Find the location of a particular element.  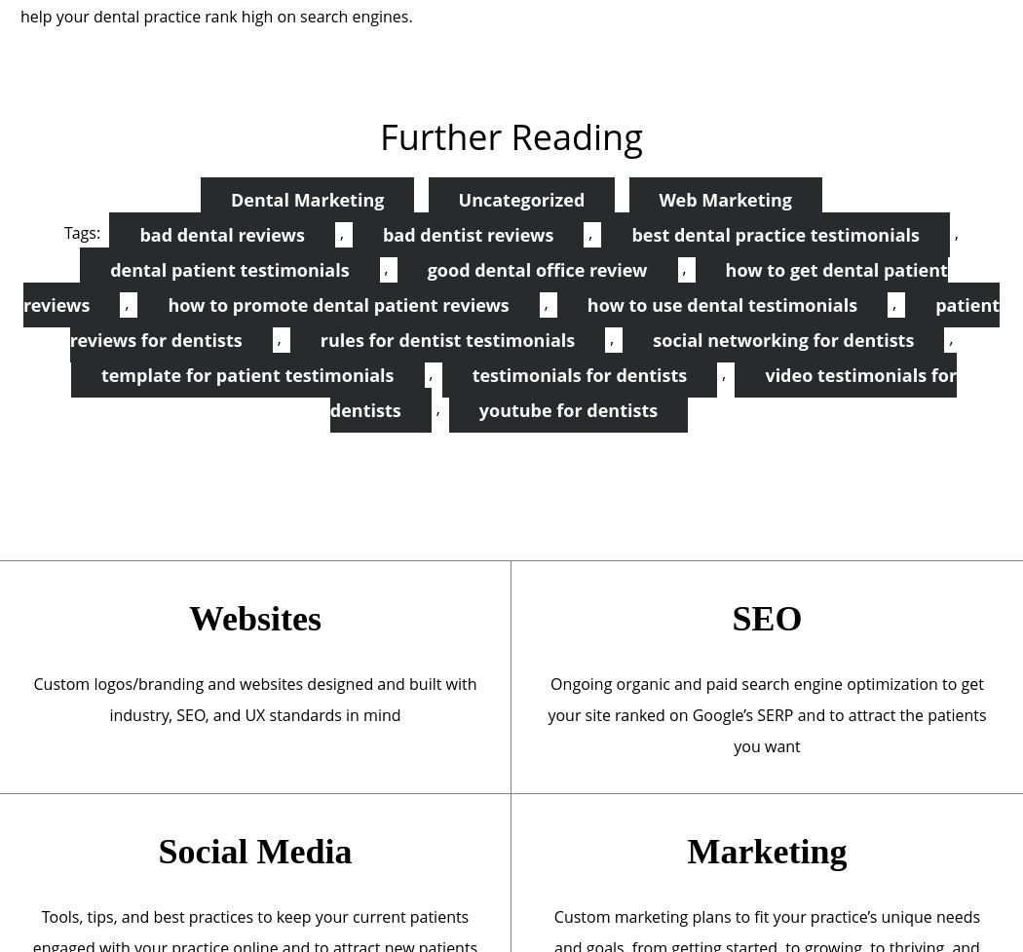

'template for patient testimonials' is located at coordinates (246, 375).